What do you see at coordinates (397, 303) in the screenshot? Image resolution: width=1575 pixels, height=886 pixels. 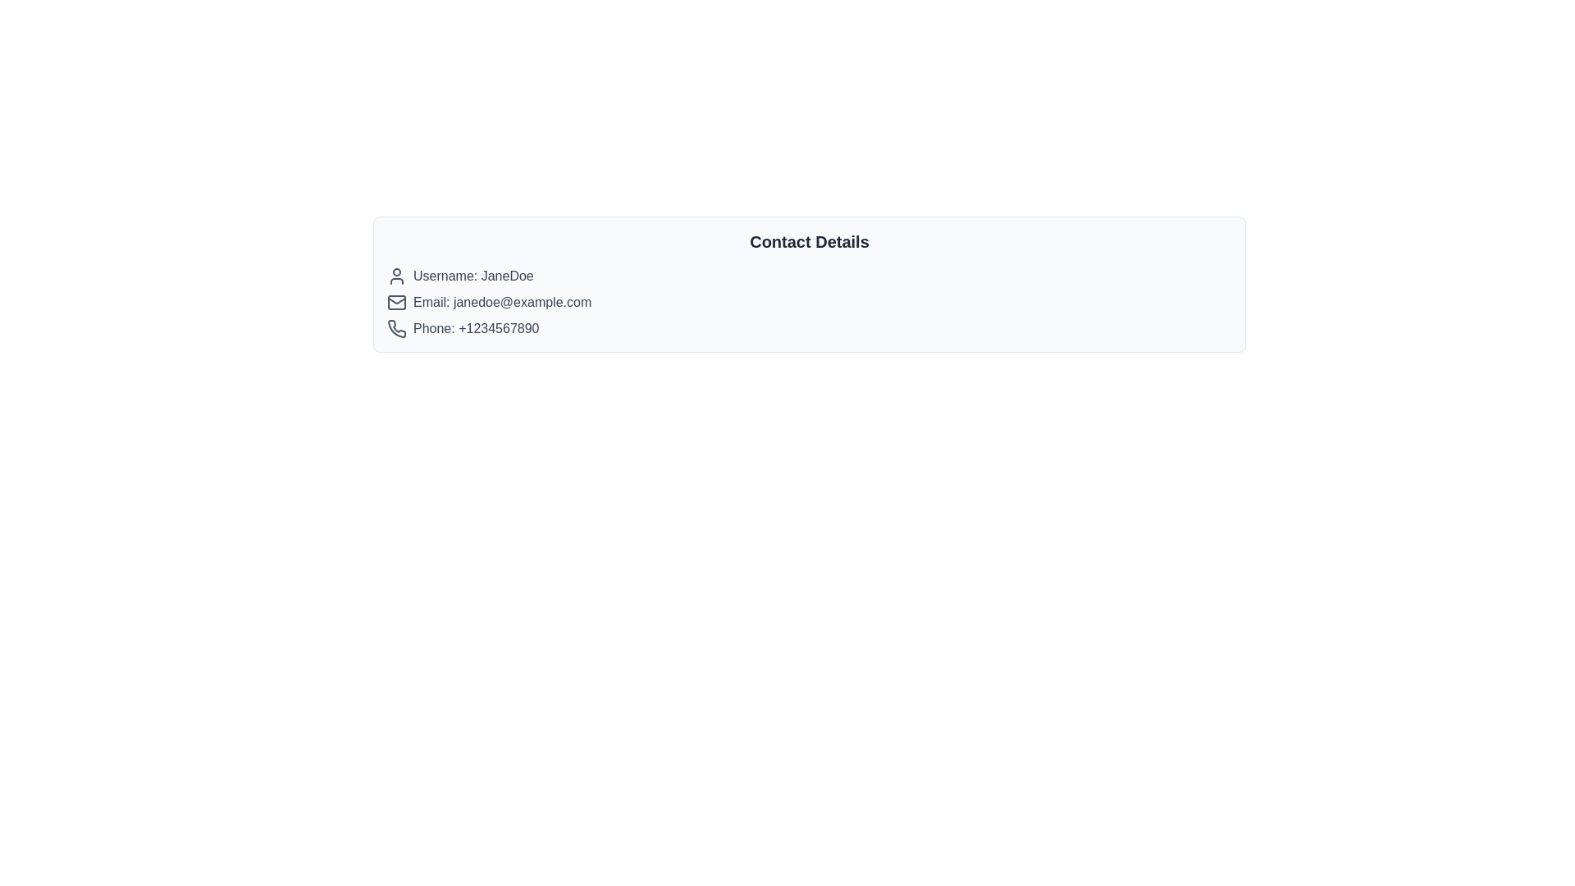 I see `the SVG rectangle component that forms the main body of the envelope icon, located to the left of the text 'Email: janedoe@example.com', as a static decoration` at bounding box center [397, 303].